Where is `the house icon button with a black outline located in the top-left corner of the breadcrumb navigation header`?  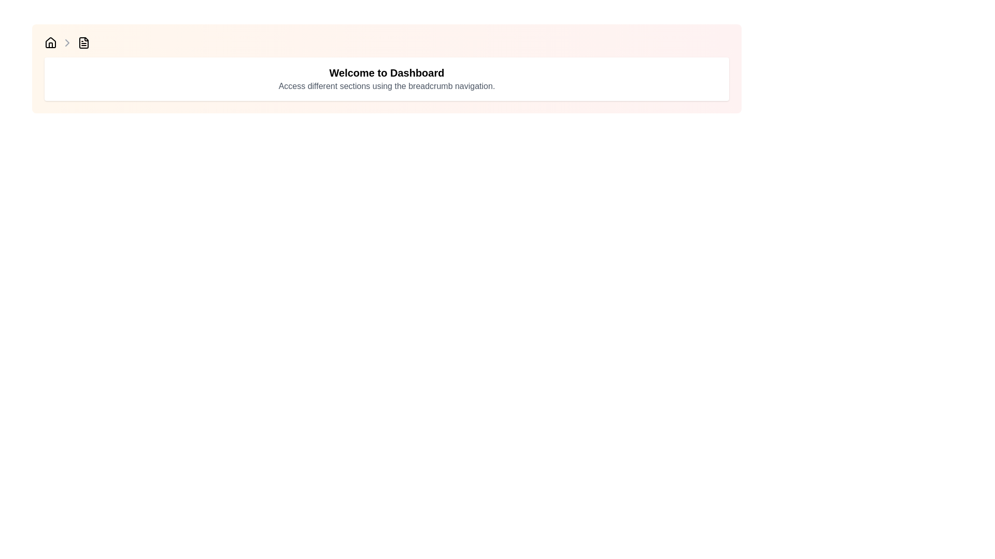 the house icon button with a black outline located in the top-left corner of the breadcrumb navigation header is located at coordinates (50, 42).